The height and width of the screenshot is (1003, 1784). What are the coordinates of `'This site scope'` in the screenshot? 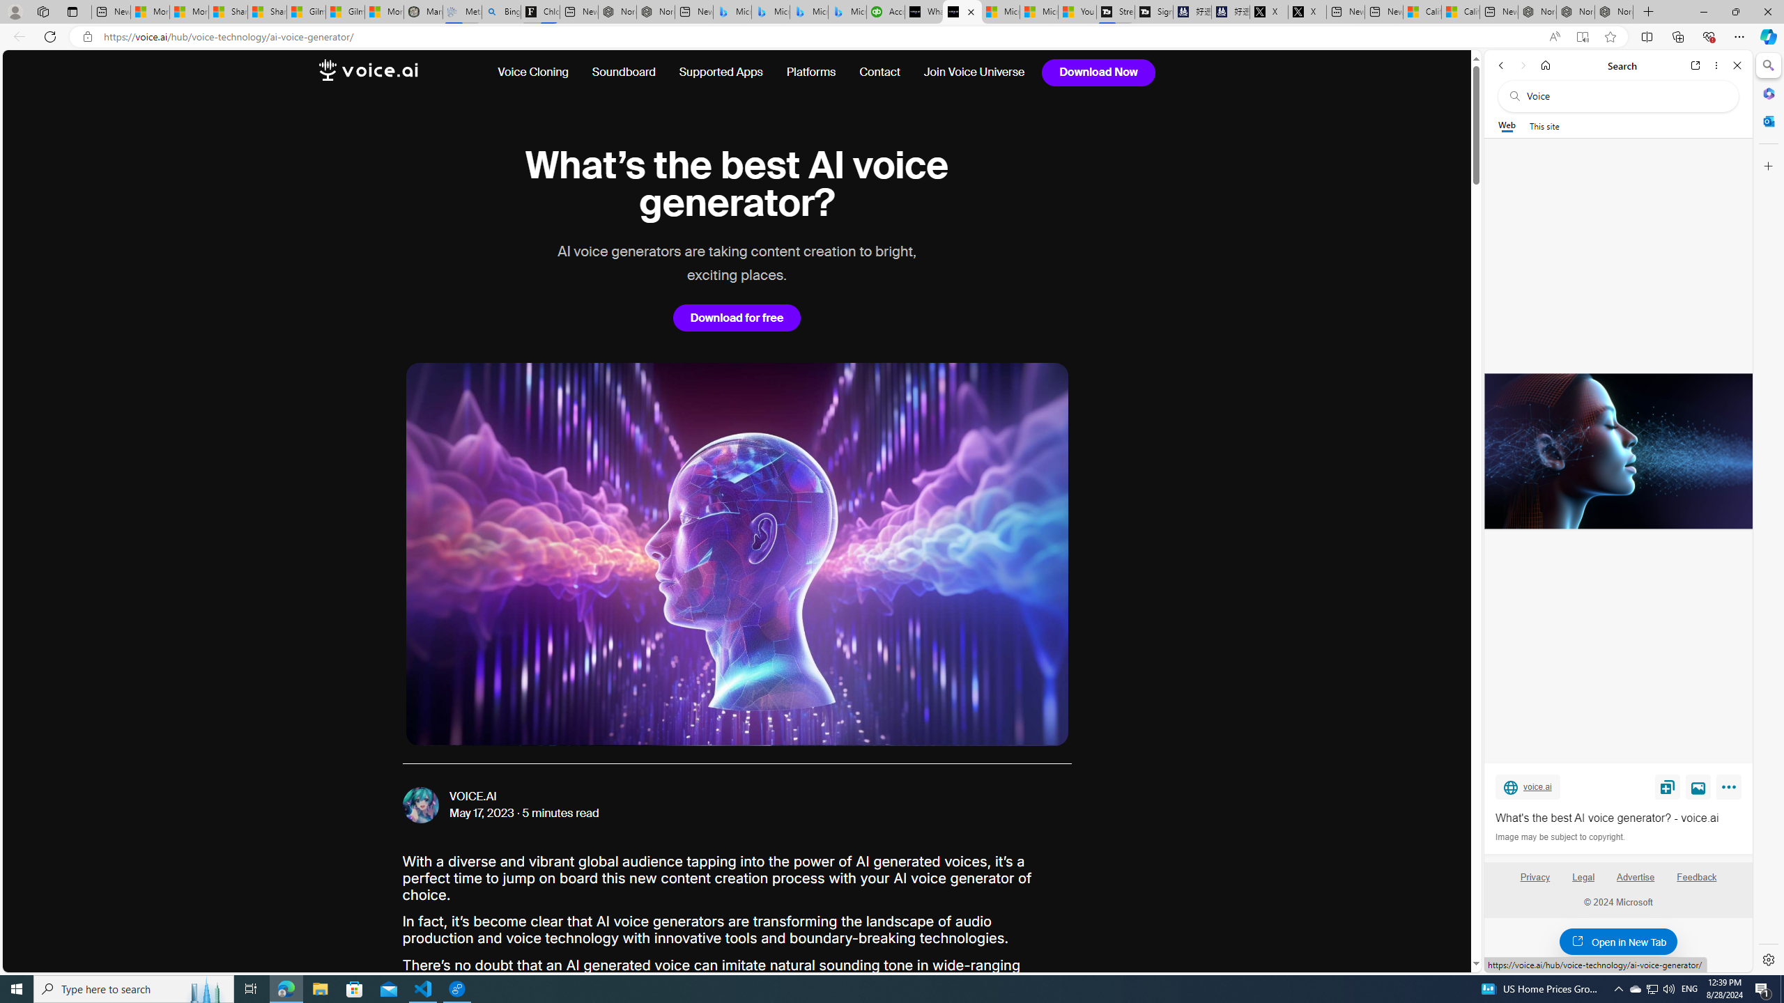 It's located at (1543, 125).